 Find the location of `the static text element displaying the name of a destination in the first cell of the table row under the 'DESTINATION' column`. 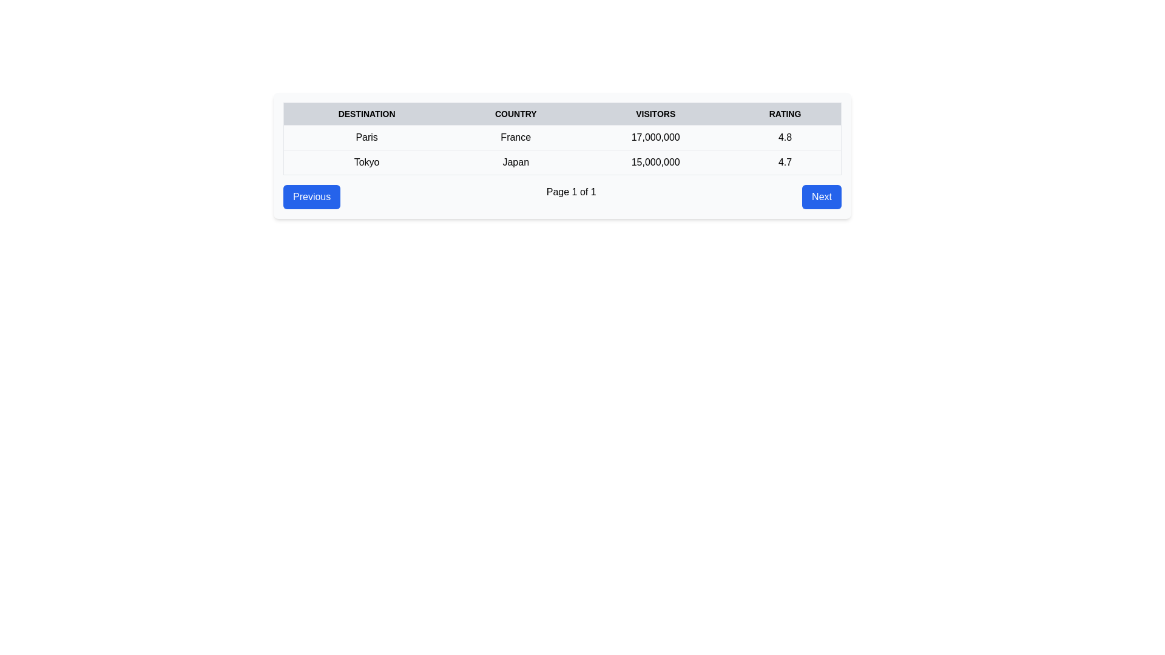

the static text element displaying the name of a destination in the first cell of the table row under the 'DESTINATION' column is located at coordinates (366, 137).